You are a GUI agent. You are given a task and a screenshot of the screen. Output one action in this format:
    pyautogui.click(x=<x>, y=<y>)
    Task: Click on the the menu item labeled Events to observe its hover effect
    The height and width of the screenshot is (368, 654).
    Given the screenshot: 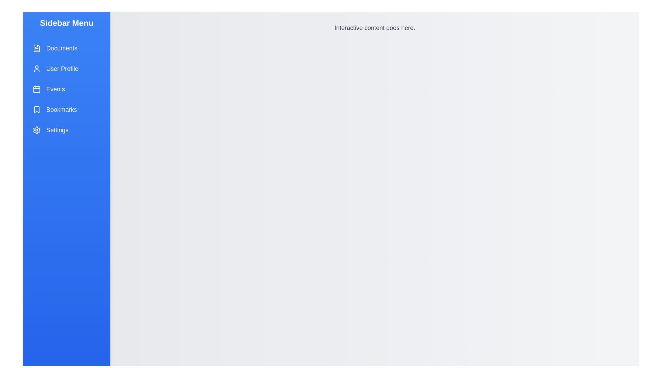 What is the action you would take?
    pyautogui.click(x=67, y=89)
    